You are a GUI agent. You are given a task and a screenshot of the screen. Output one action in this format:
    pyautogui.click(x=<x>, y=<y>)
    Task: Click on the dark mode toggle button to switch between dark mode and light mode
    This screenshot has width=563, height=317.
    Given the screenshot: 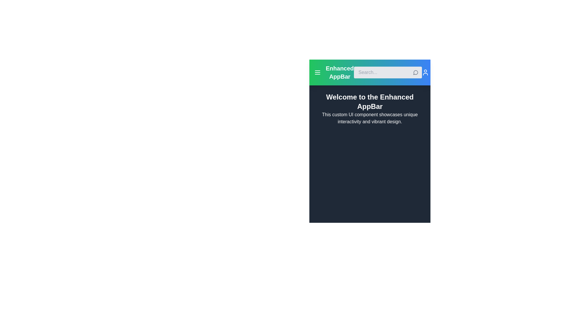 What is the action you would take?
    pyautogui.click(x=433, y=72)
    